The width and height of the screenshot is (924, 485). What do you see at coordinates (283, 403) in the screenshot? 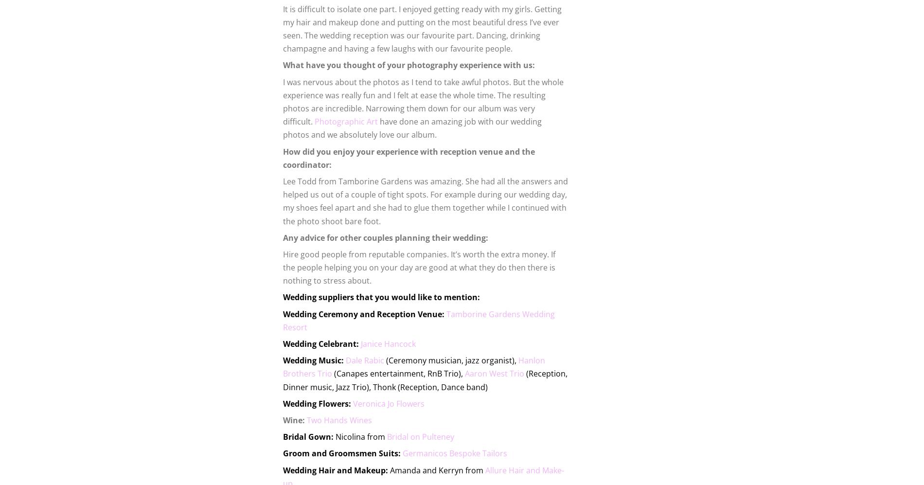
I see `'Wedding Flowers:'` at bounding box center [283, 403].